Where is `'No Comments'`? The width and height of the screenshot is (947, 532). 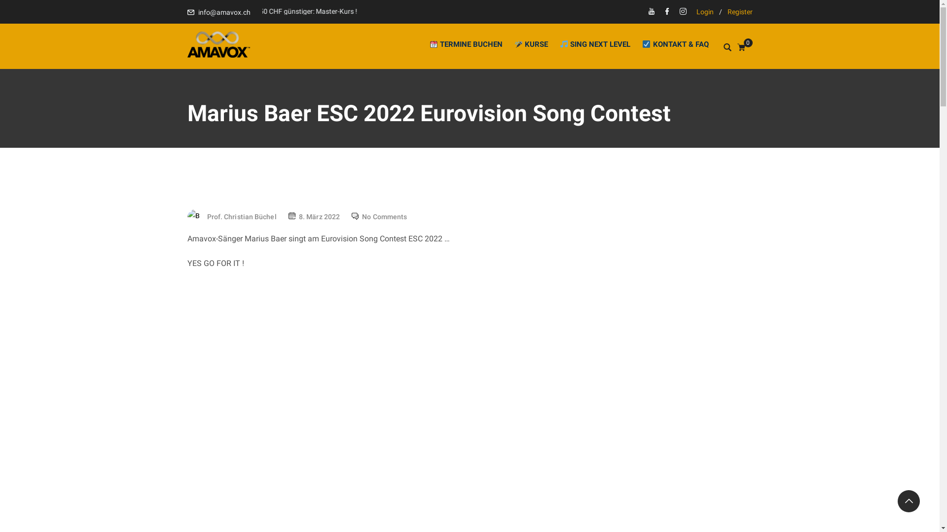 'No Comments' is located at coordinates (384, 216).